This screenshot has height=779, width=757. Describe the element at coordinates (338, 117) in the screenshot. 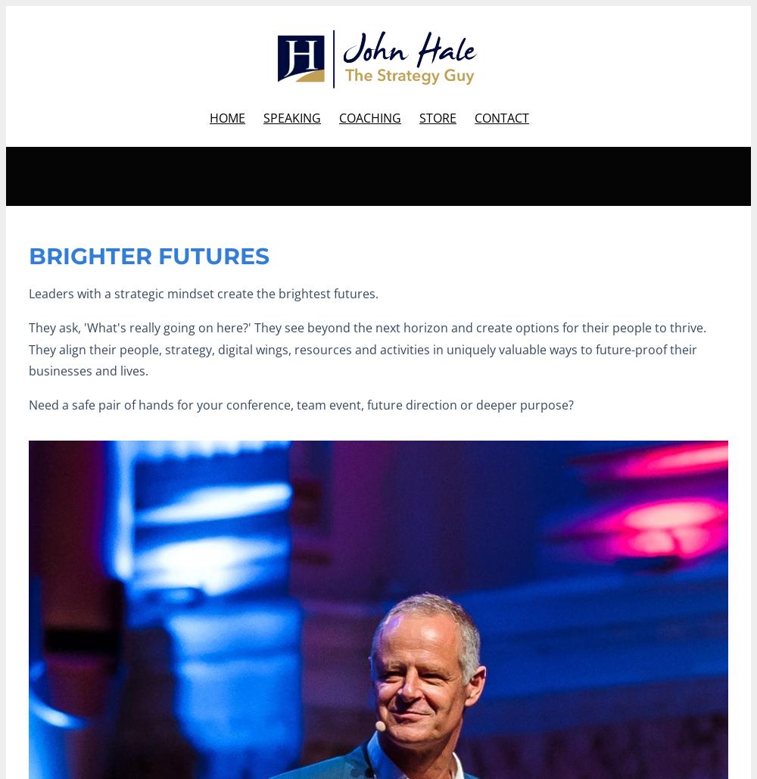

I see `'COACHING'` at that location.